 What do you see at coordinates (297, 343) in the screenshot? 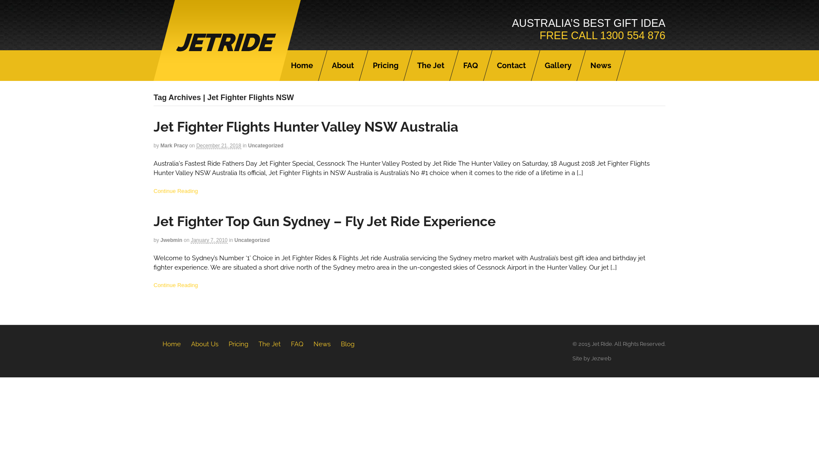
I see `'FAQ'` at bounding box center [297, 343].